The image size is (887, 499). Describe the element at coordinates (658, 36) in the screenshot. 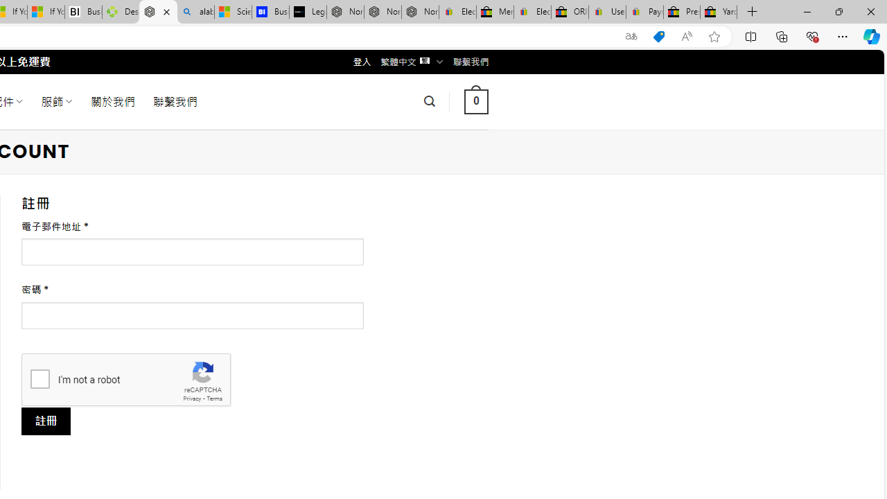

I see `'This site has coupons! Shopping in Microsoft Edge'` at that location.